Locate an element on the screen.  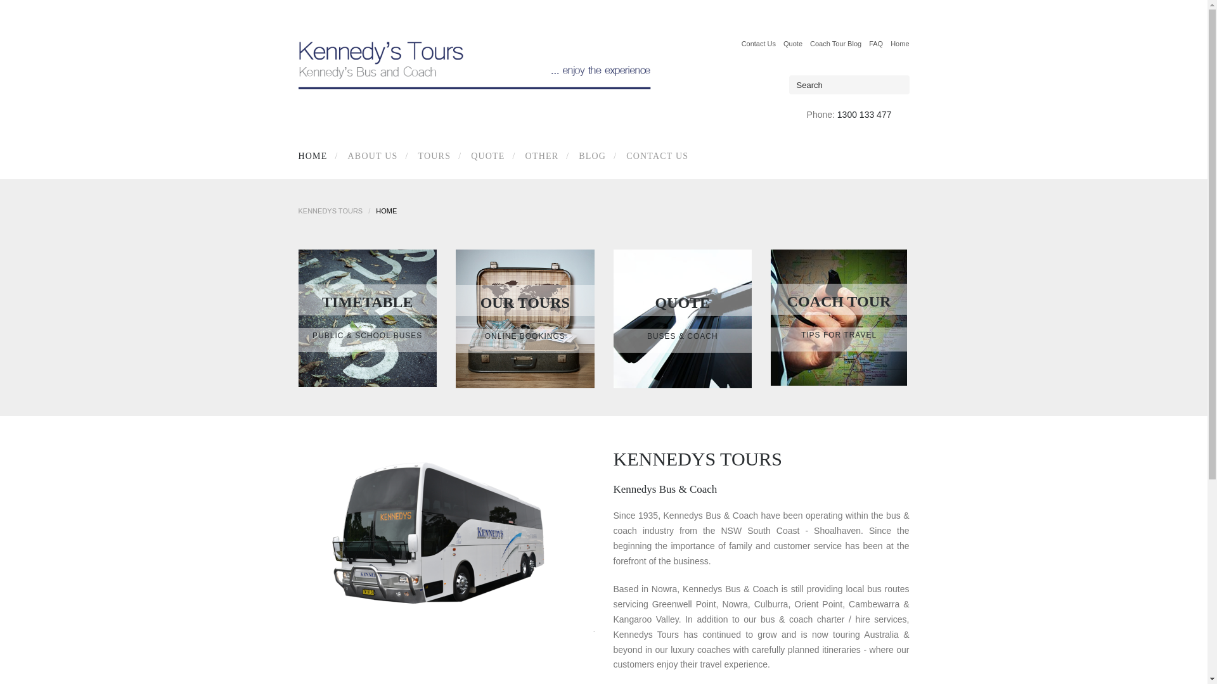
'Contact Us' is located at coordinates (742, 43).